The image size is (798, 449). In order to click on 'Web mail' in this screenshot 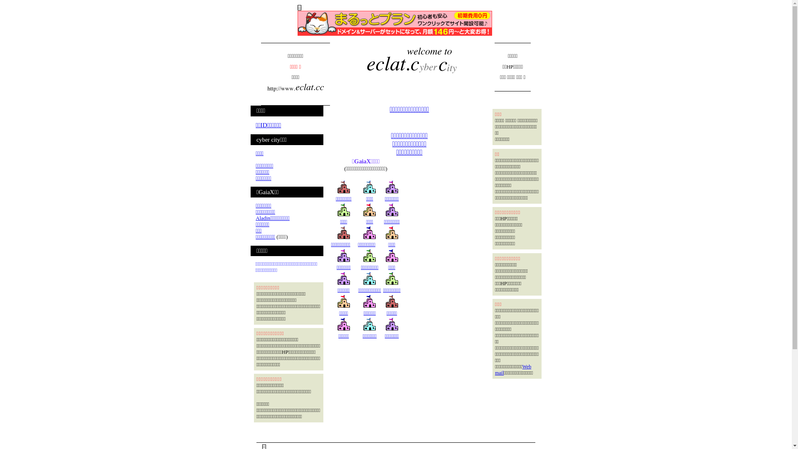, I will do `click(512, 369)`.